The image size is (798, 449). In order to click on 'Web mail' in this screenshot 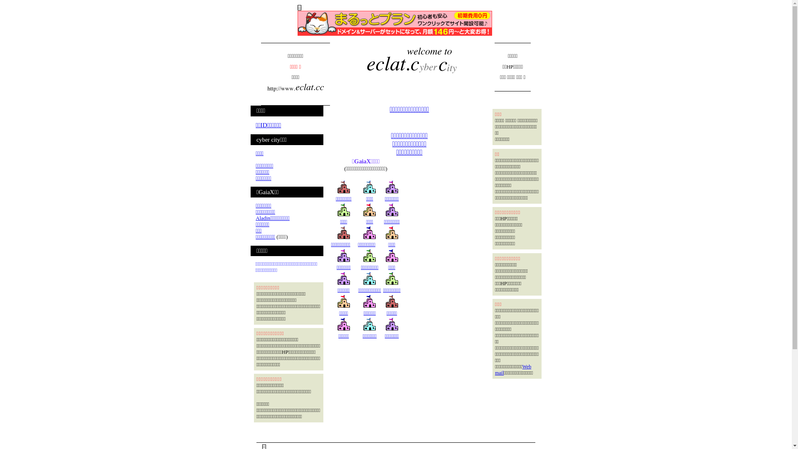, I will do `click(512, 369)`.